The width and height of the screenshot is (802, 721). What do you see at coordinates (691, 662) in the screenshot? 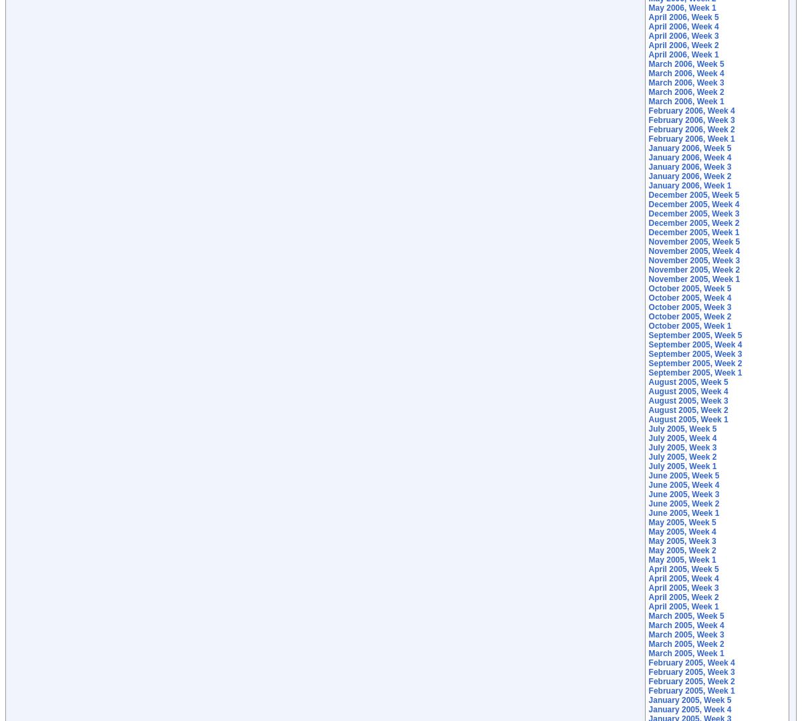
I see `'February 2005, Week 4'` at bounding box center [691, 662].